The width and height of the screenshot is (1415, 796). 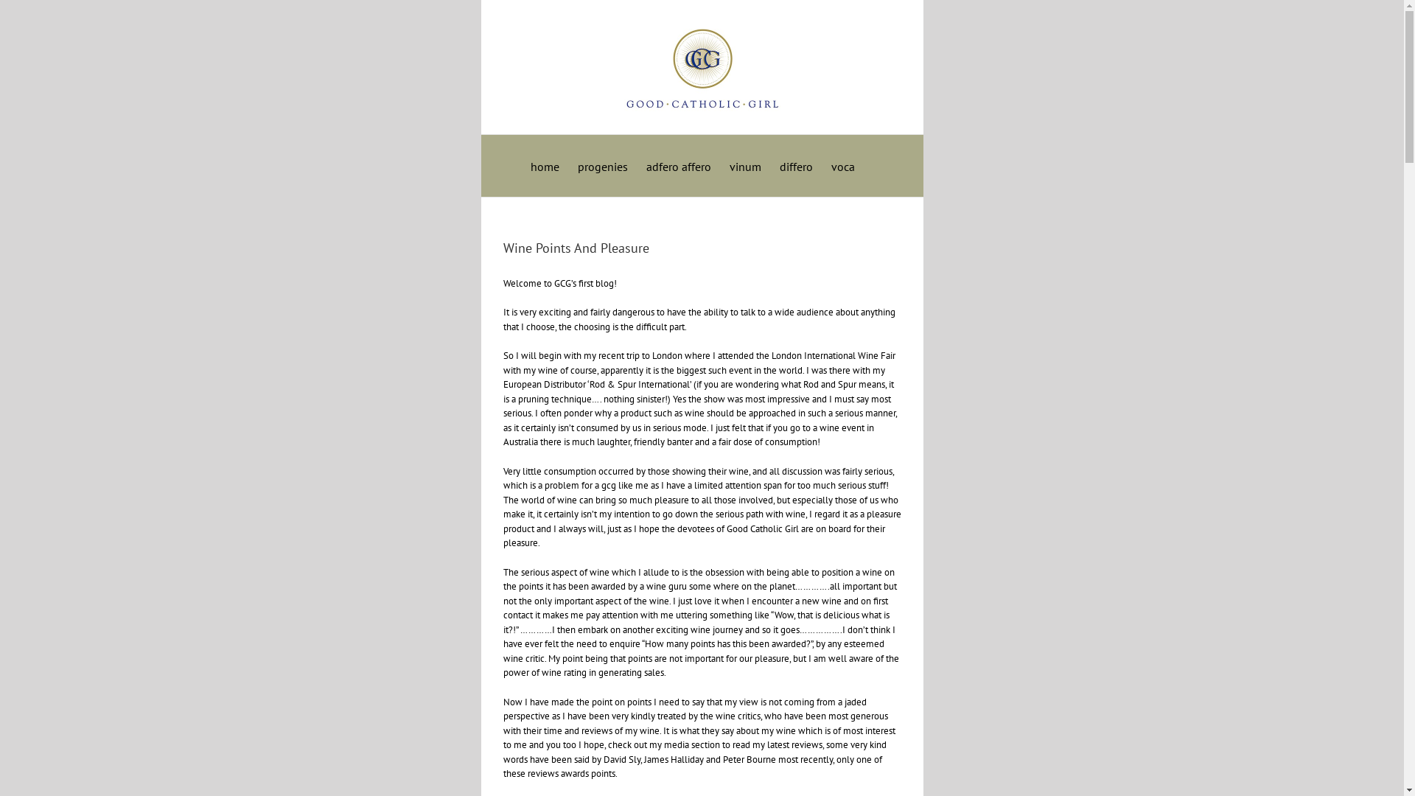 What do you see at coordinates (544, 164) in the screenshot?
I see `'home'` at bounding box center [544, 164].